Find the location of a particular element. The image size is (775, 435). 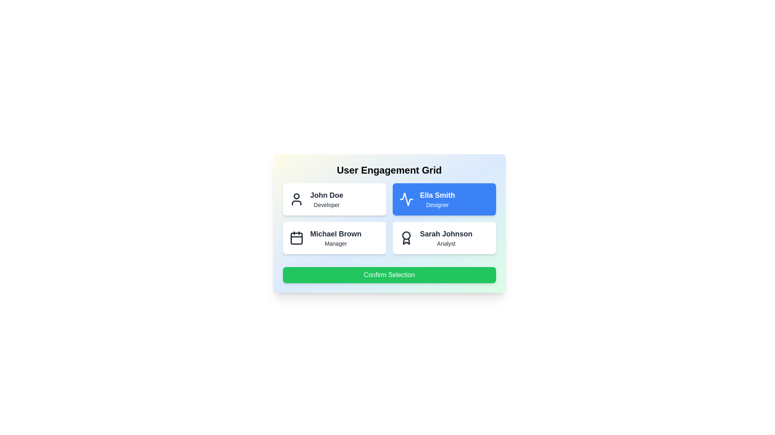

the user card for Sarah Johnson is located at coordinates (444, 237).